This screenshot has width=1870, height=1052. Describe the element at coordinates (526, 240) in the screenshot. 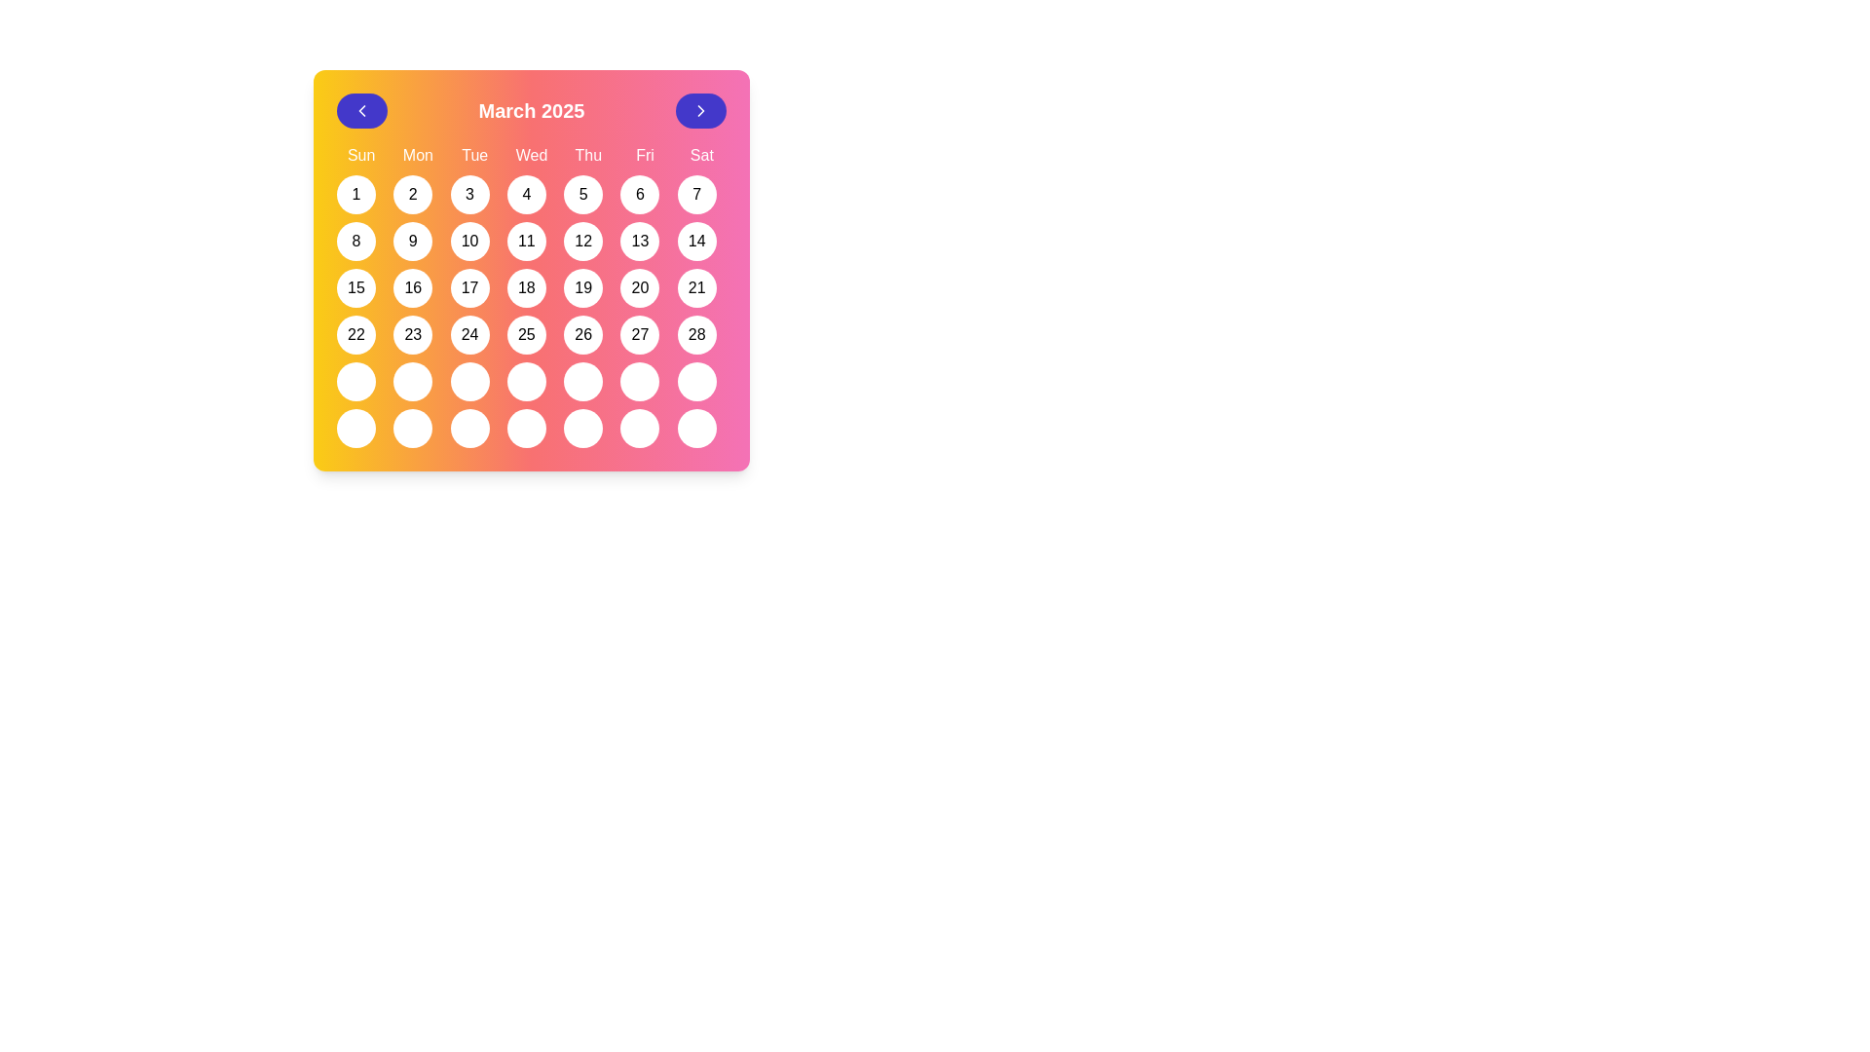

I see `the button representing the 11th day of the month in the calendar, located in the fourth column and third row under the 'Wed' label` at that location.